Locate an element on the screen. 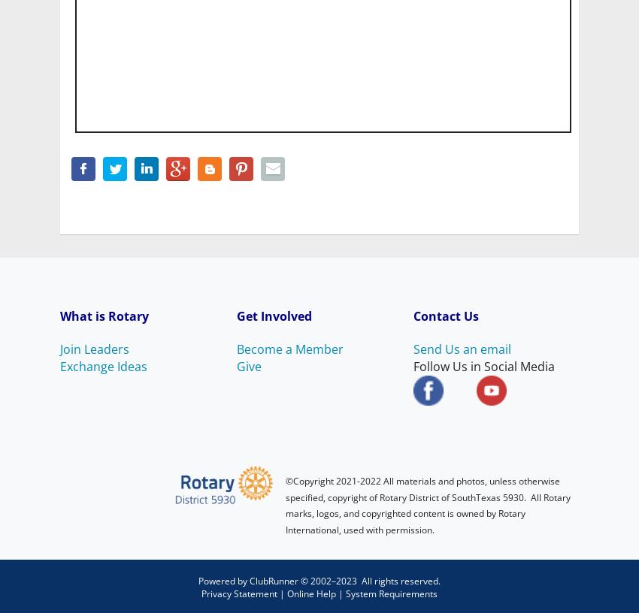 This screenshot has height=613, width=639. 'Give' is located at coordinates (249, 364).